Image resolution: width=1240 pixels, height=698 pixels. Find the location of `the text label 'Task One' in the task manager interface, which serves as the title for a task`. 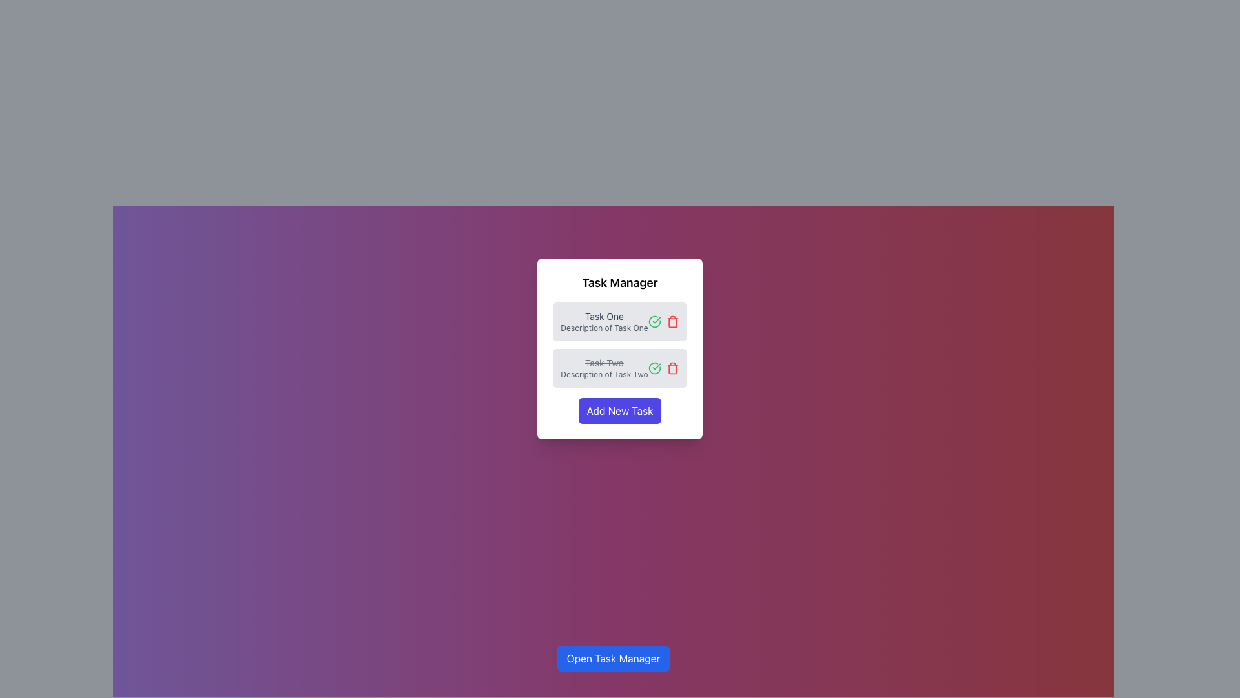

the text label 'Task One' in the task manager interface, which serves as the title for a task is located at coordinates (604, 316).